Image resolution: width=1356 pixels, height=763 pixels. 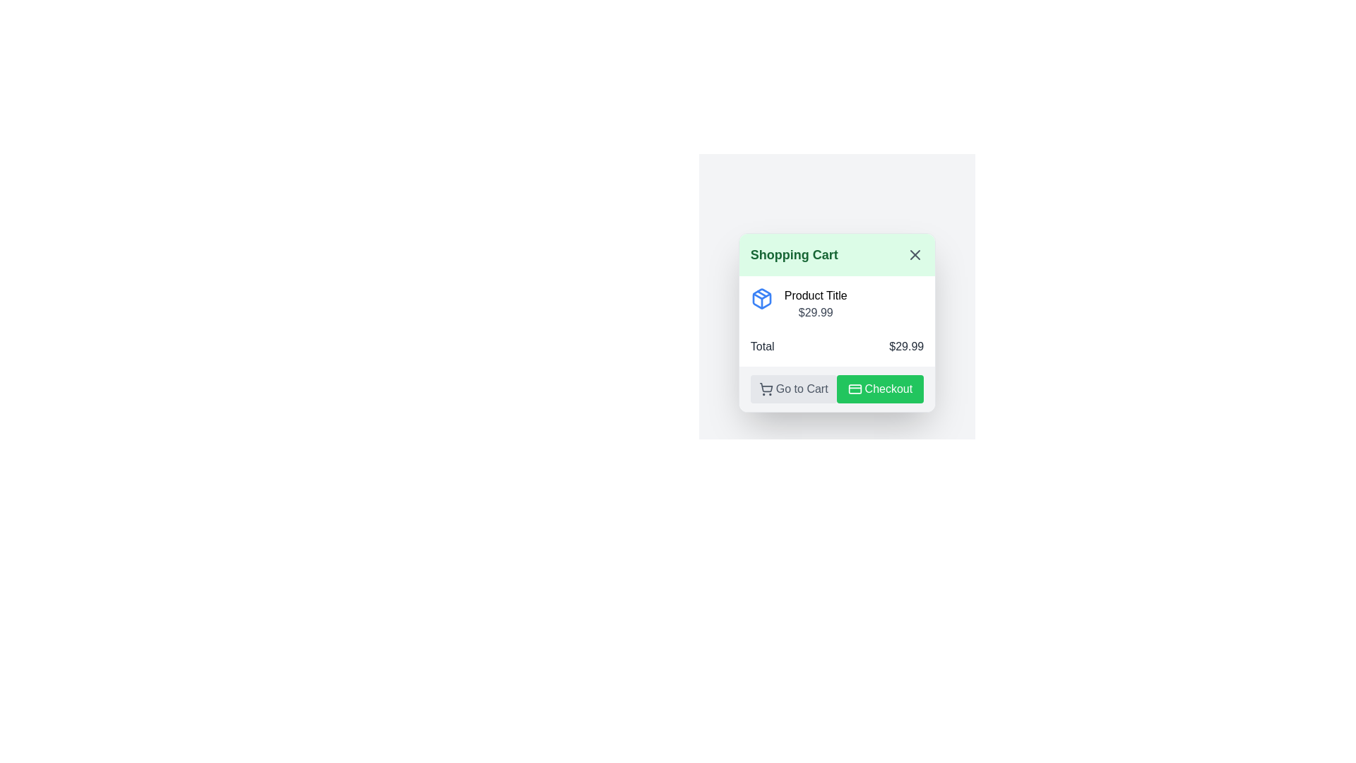 What do you see at coordinates (854, 389) in the screenshot?
I see `the main body of the credit card icon located near the 'Checkout' button in the bottom-right corner of the shopping cart pop-up` at bounding box center [854, 389].